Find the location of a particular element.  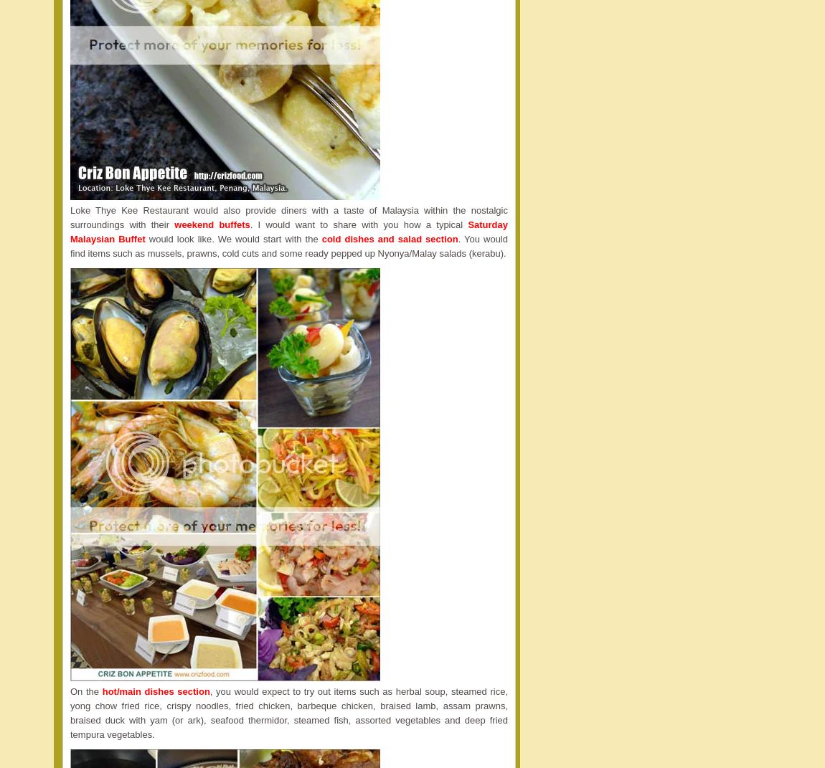

', you would expect to try out items such as herbal soup, steamed rice, yong chow fried rice, crispy noodles, fried chicken, barbeque chicken, braised lamb, assam prawns, braised duck with yam (or ark), seafood thermidor, steamed fish, assorted vegetables and deep fried tempura vegetables.' is located at coordinates (288, 711).